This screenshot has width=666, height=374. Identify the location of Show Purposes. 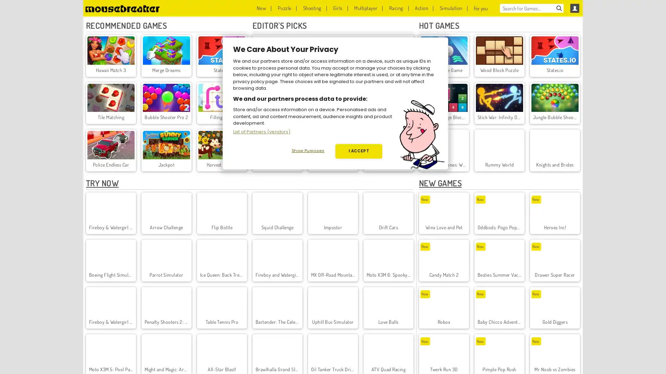
(307, 150).